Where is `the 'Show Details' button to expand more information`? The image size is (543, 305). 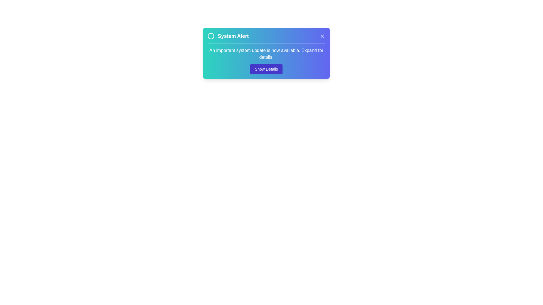
the 'Show Details' button to expand more information is located at coordinates (266, 69).